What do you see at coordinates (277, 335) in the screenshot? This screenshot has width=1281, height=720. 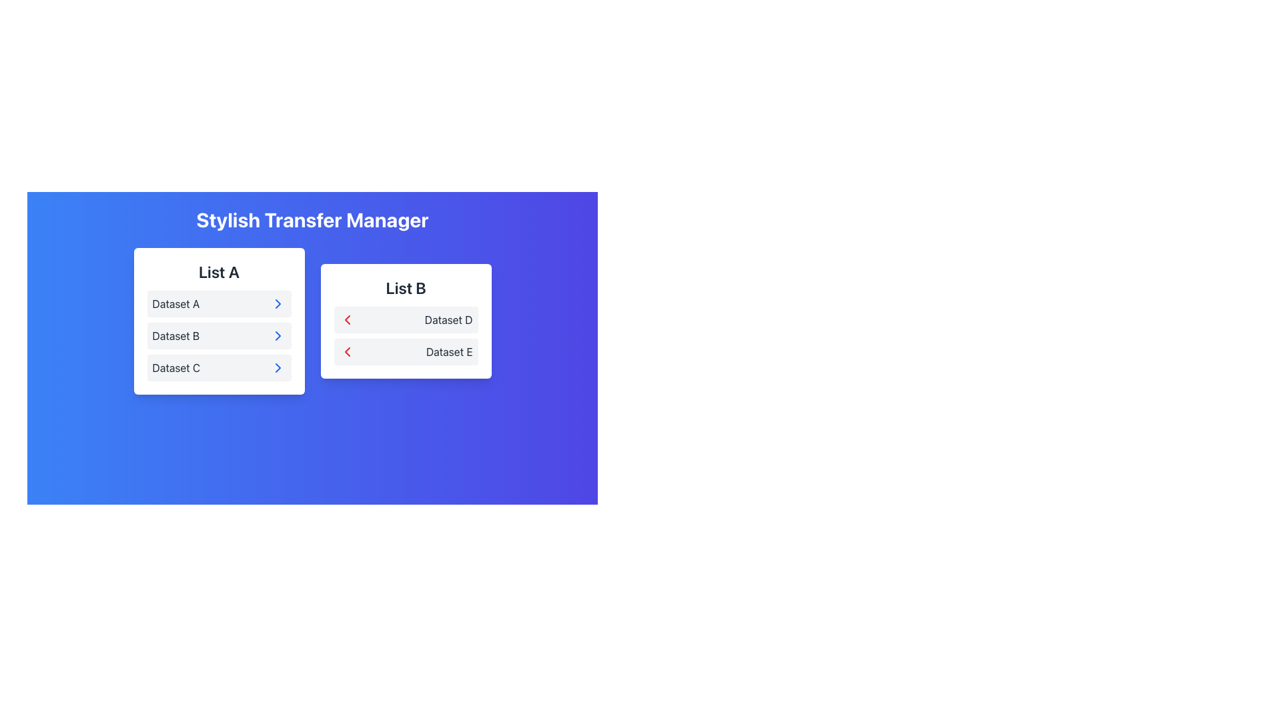 I see `the rightmost chevron icon in the second row of the card labeled 'List A', next to the text 'Dataset B'` at bounding box center [277, 335].